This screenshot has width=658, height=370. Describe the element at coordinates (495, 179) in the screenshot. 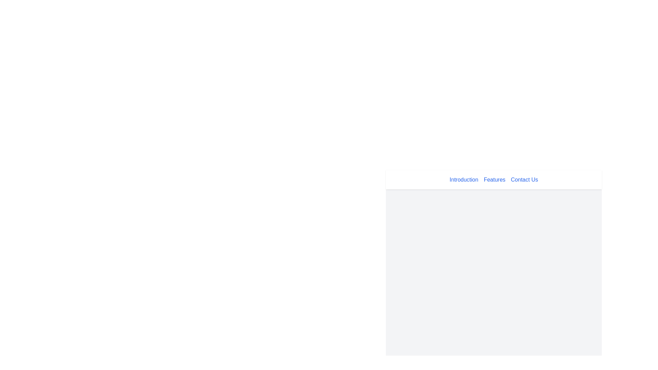

I see `the highlighted text link labeled 'Features' in the horizontal navigation menu` at that location.